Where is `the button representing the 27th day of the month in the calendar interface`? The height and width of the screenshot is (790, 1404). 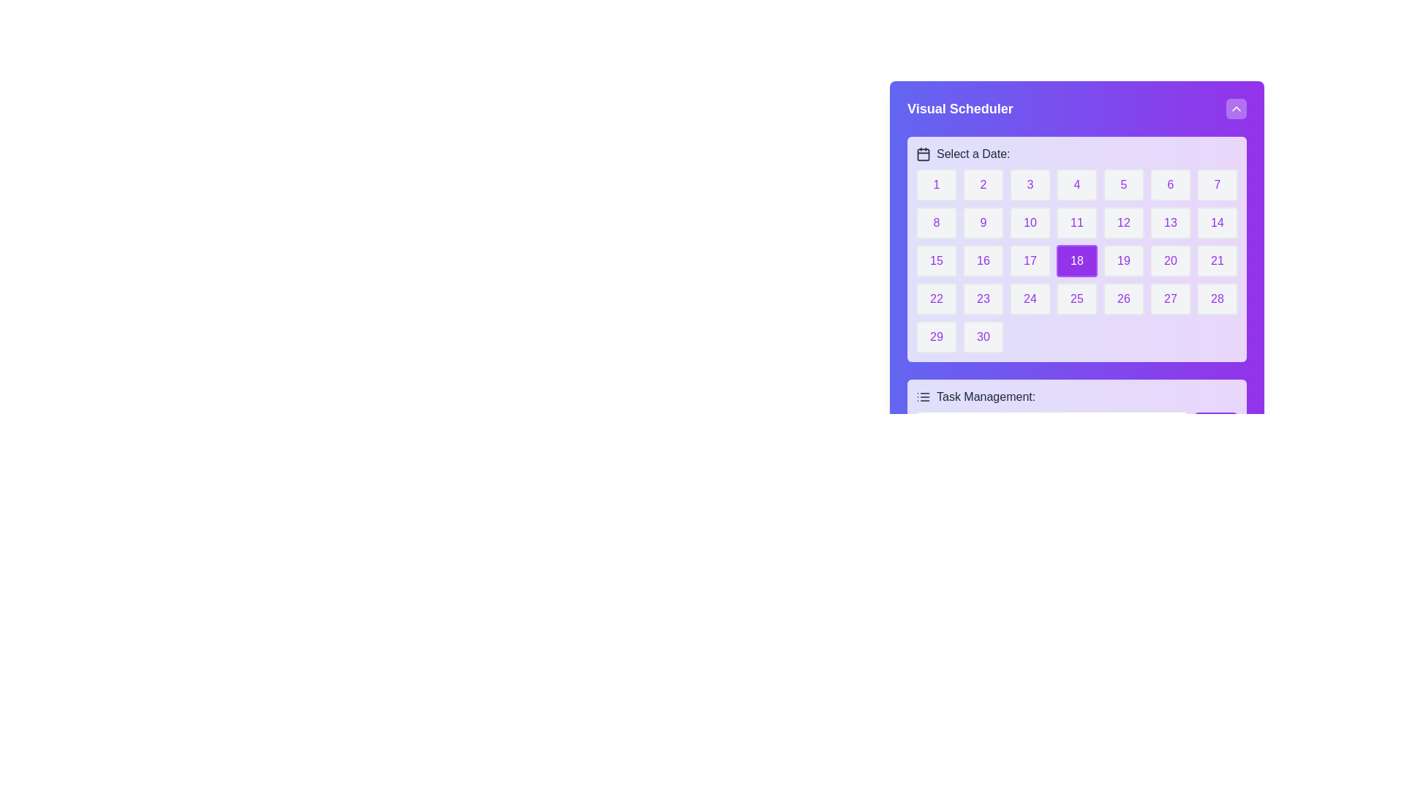 the button representing the 27th day of the month in the calendar interface is located at coordinates (1171, 298).